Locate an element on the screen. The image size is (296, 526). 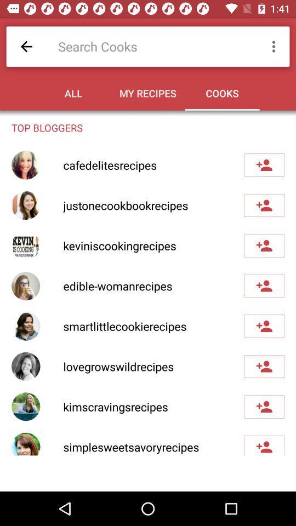
follow blogger is located at coordinates (264, 204).